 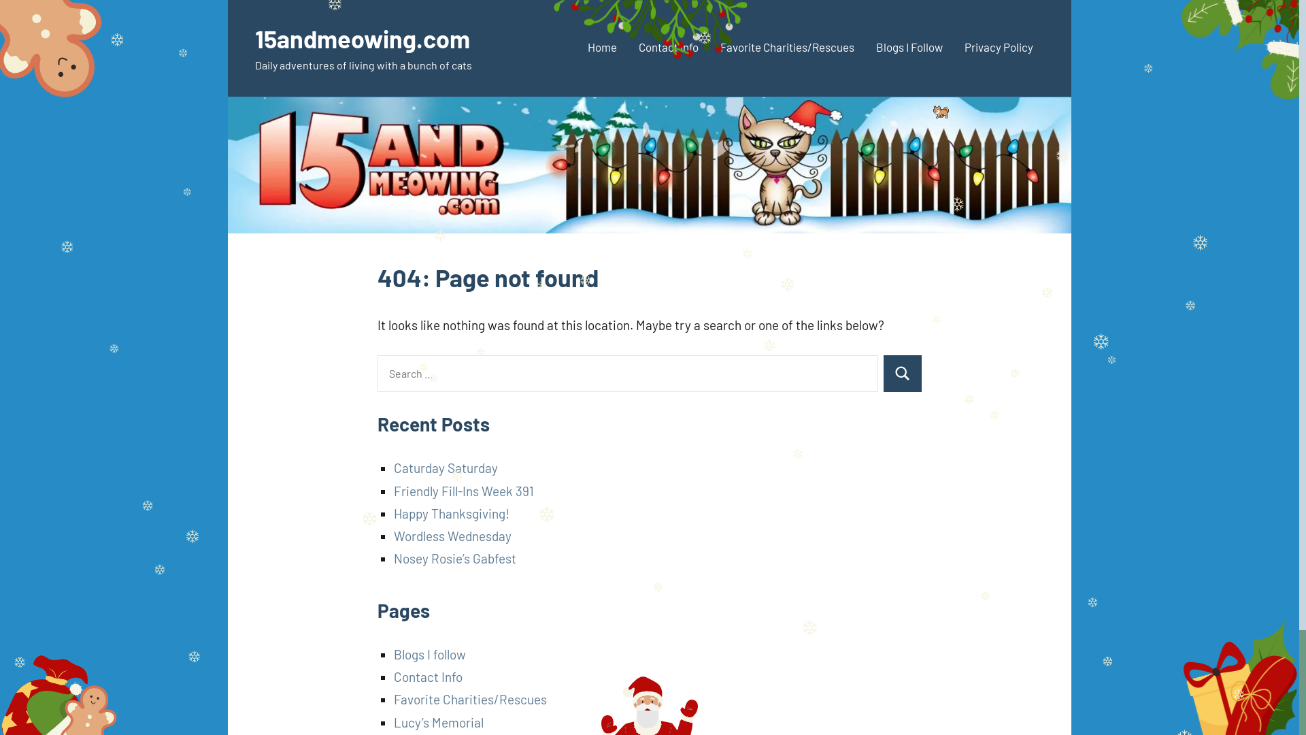 I want to click on 'Wordless Wednesday', so click(x=452, y=535).